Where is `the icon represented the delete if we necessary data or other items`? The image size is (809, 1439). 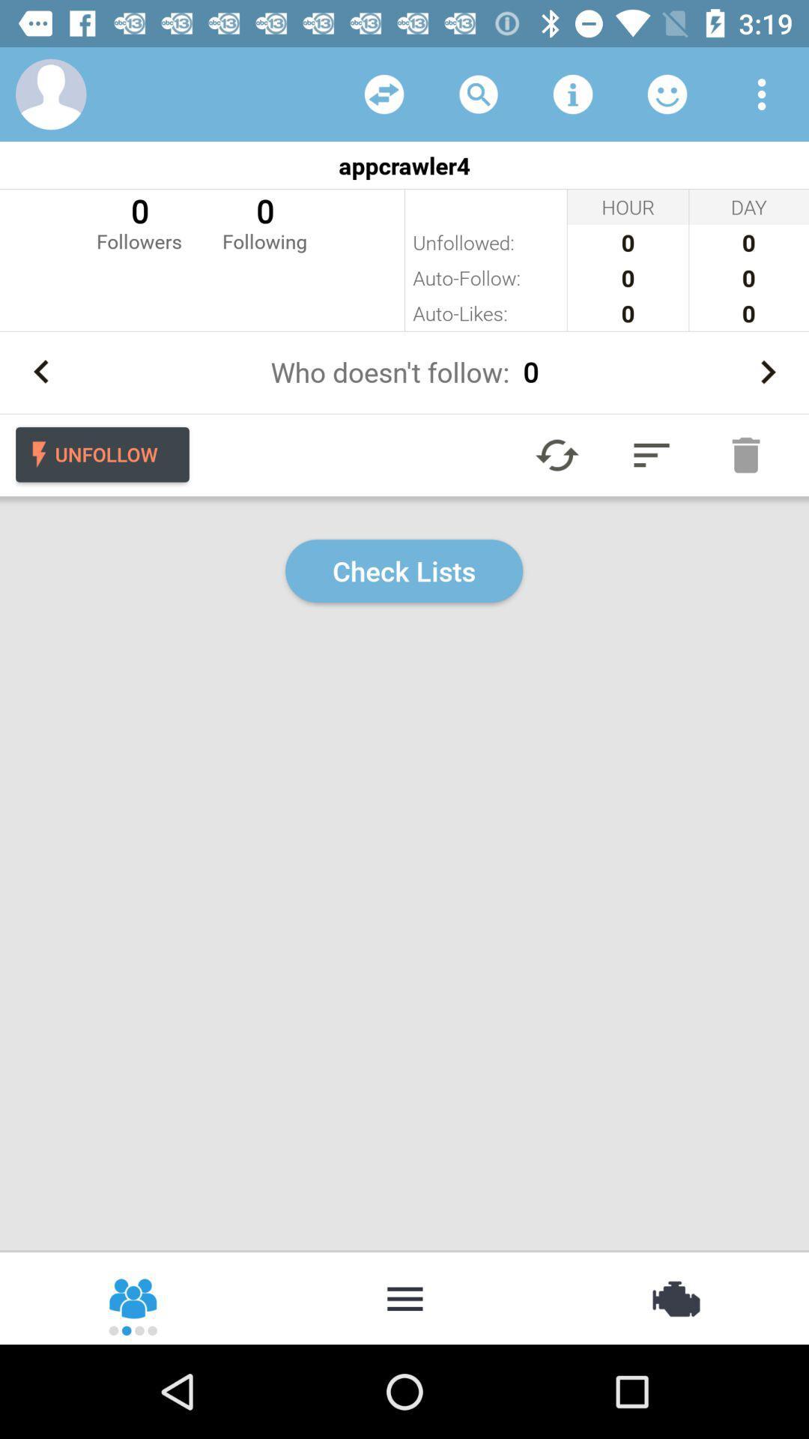 the icon represented the delete if we necessary data or other items is located at coordinates (745, 454).